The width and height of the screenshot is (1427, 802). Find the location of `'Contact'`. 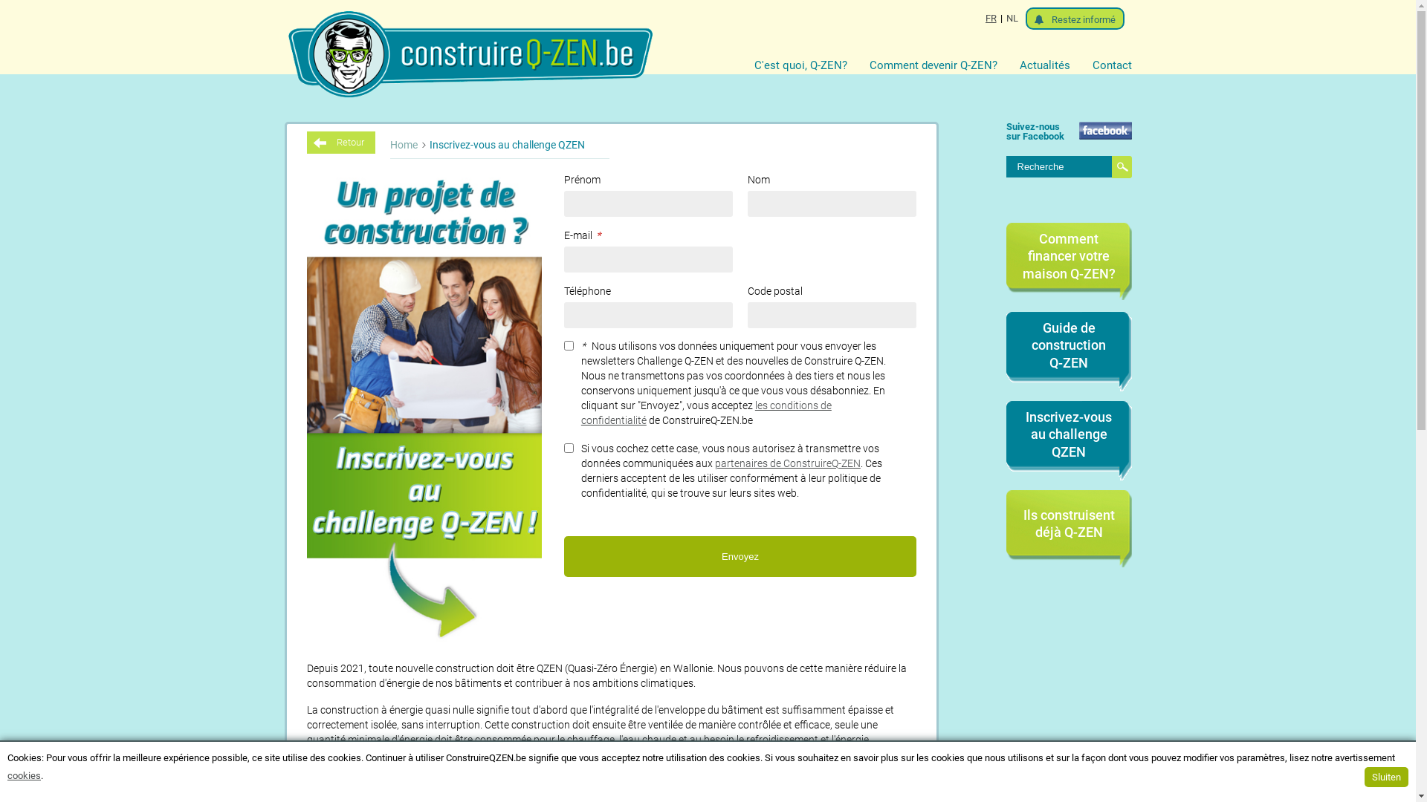

'Contact' is located at coordinates (1112, 65).